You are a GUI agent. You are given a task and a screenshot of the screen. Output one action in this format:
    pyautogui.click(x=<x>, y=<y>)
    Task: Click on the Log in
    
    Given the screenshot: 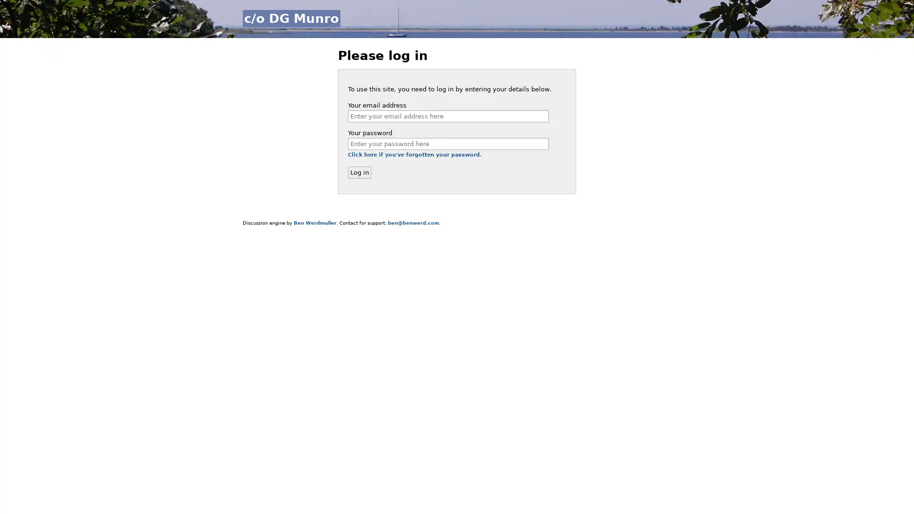 What is the action you would take?
    pyautogui.click(x=359, y=172)
    